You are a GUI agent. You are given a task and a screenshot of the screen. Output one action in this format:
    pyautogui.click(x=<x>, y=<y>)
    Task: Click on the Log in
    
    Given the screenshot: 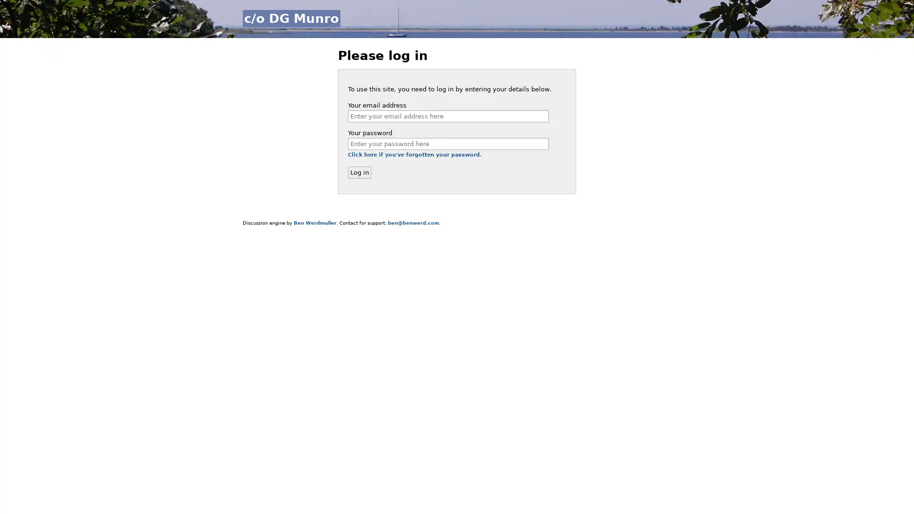 What is the action you would take?
    pyautogui.click(x=359, y=172)
    